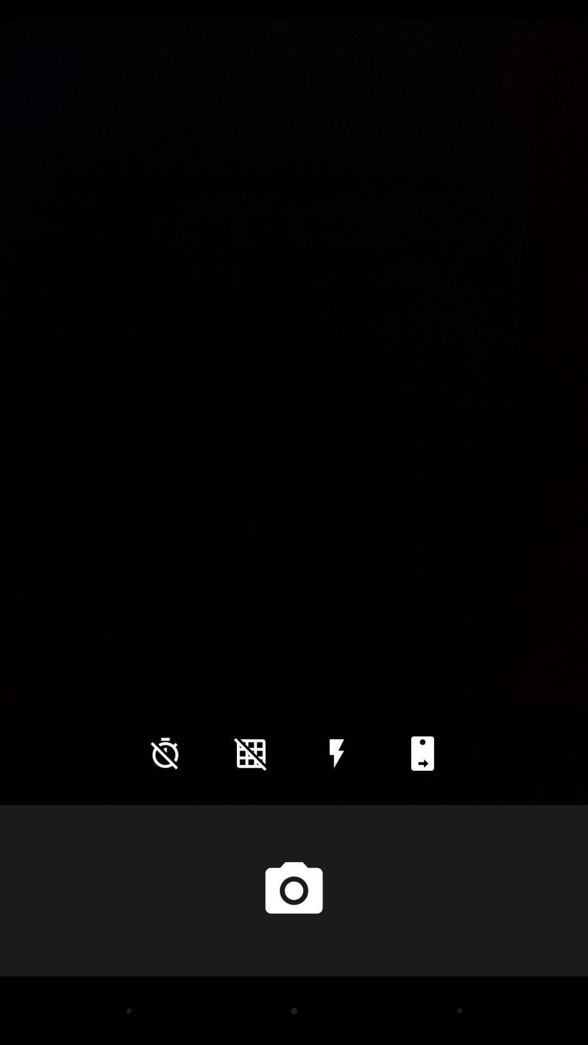 The height and width of the screenshot is (1045, 588). What do you see at coordinates (165, 753) in the screenshot?
I see `icon at the bottom left corner` at bounding box center [165, 753].